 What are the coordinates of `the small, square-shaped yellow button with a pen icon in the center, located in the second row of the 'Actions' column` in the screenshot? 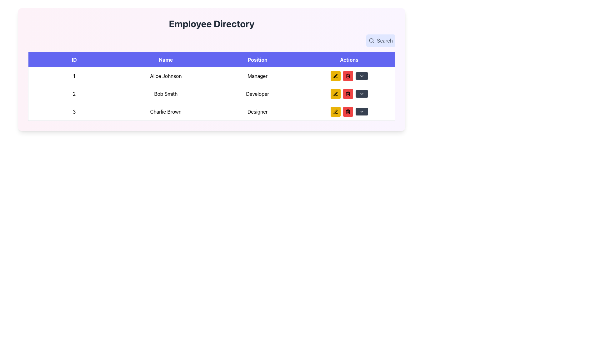 It's located at (335, 94).